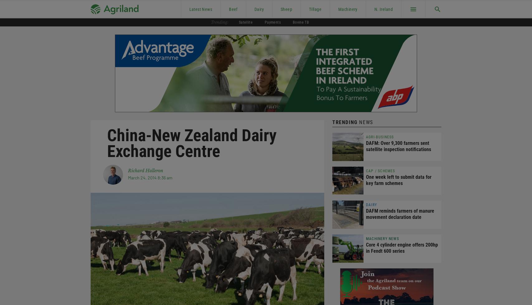 The image size is (532, 305). Describe the element at coordinates (211, 22) in the screenshot. I see `'Trending:'` at that location.